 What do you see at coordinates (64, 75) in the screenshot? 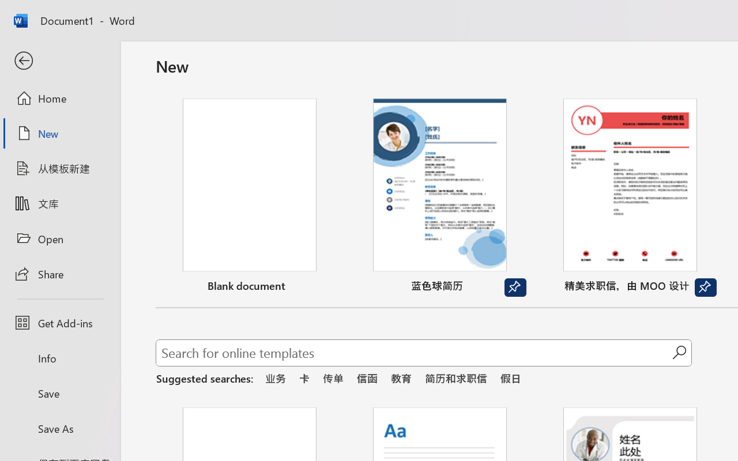
I see `'Google Play logo'` at bounding box center [64, 75].